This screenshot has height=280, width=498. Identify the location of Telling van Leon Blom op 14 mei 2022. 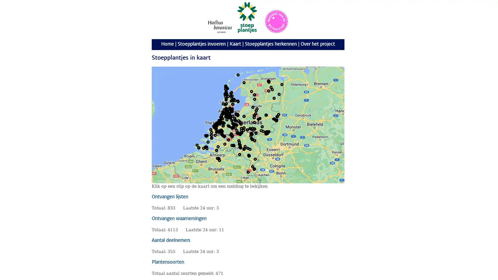
(239, 141).